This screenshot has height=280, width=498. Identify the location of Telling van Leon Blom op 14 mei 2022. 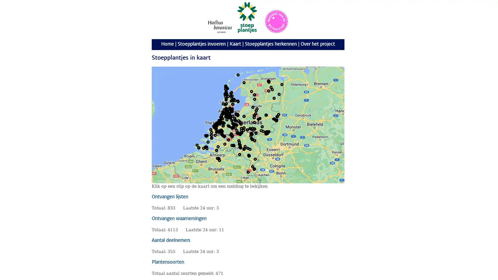
(239, 141).